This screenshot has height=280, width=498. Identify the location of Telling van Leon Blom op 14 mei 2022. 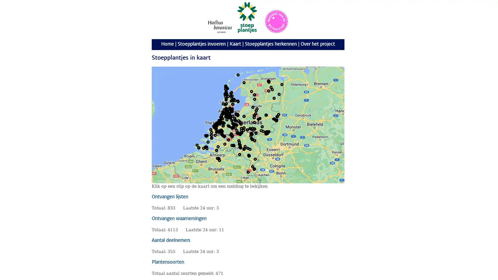
(239, 141).